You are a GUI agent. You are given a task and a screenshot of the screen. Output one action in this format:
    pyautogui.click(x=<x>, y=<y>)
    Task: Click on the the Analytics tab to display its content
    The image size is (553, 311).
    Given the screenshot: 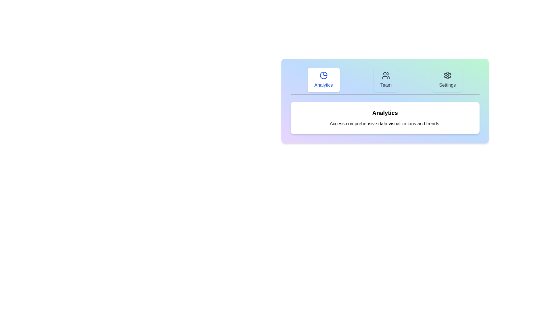 What is the action you would take?
    pyautogui.click(x=323, y=80)
    